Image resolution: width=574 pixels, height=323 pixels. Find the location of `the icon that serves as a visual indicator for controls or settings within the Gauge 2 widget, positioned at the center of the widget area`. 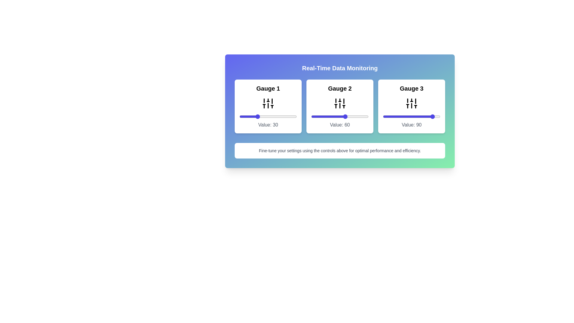

the icon that serves as a visual indicator for controls or settings within the Gauge 2 widget, positioned at the center of the widget area is located at coordinates (340, 103).